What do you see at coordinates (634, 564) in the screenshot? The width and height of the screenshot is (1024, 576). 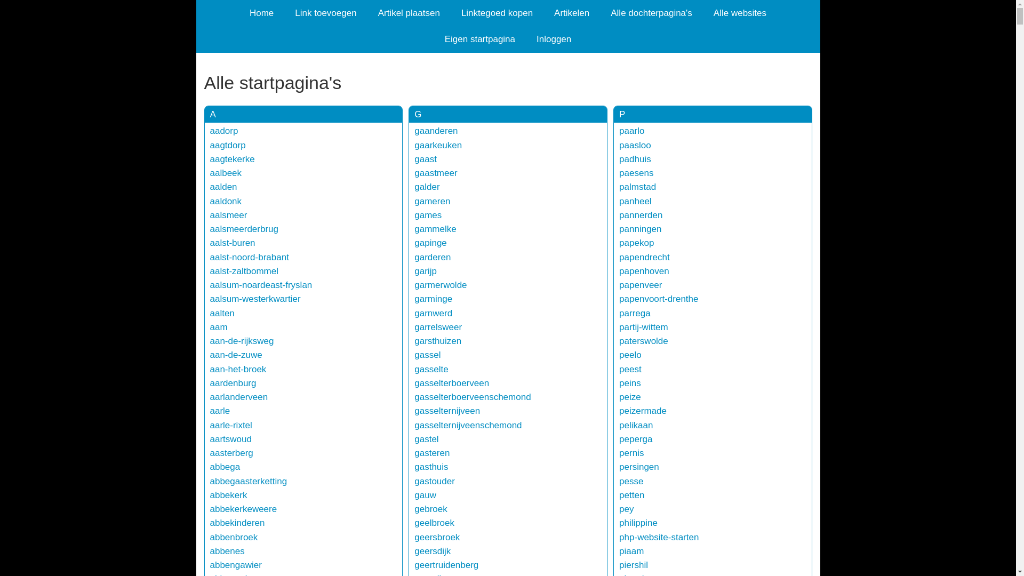 I see `'piershil'` at bounding box center [634, 564].